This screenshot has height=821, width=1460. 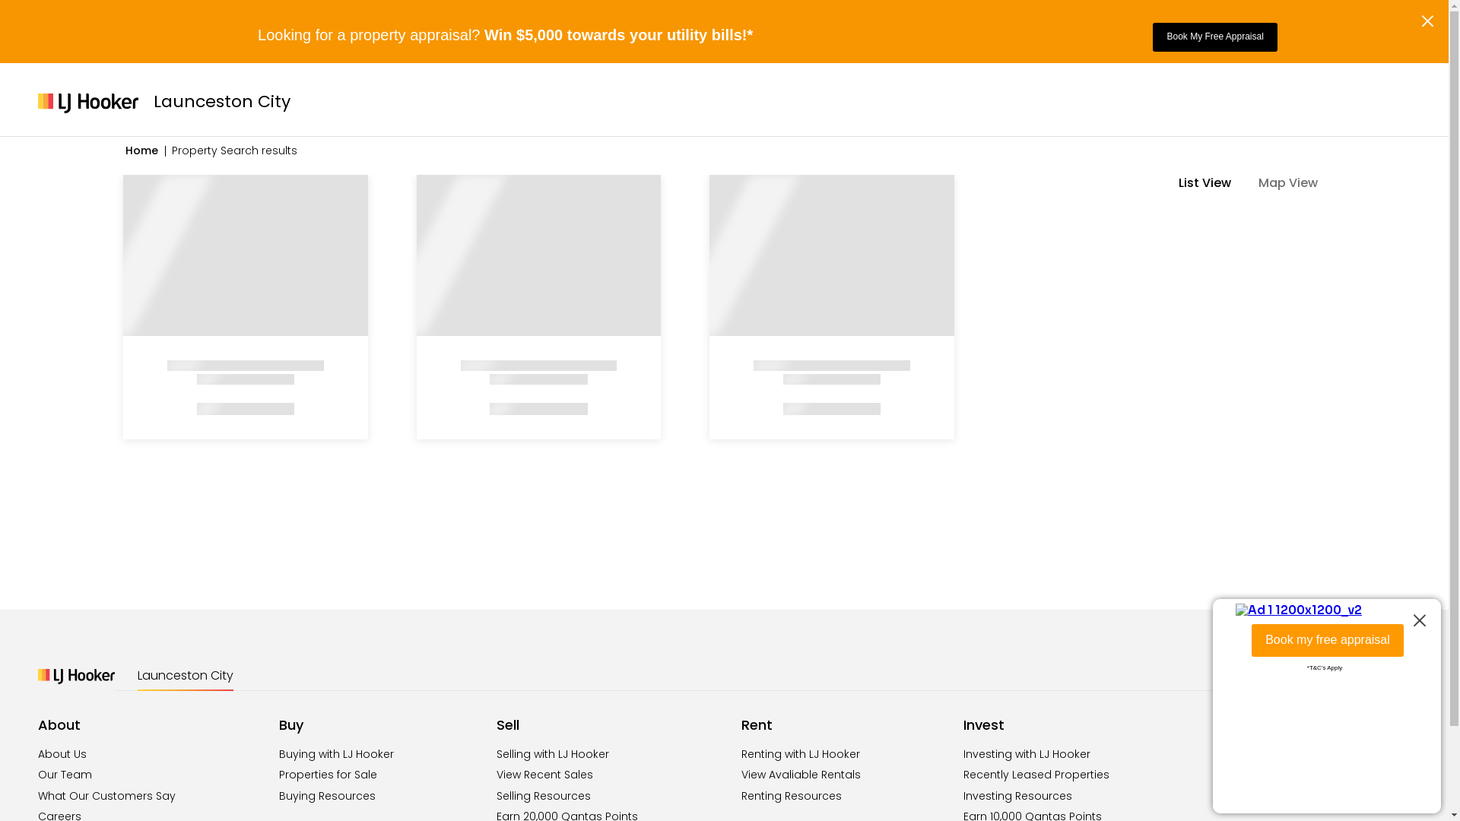 What do you see at coordinates (125, 150) in the screenshot?
I see `'Home'` at bounding box center [125, 150].